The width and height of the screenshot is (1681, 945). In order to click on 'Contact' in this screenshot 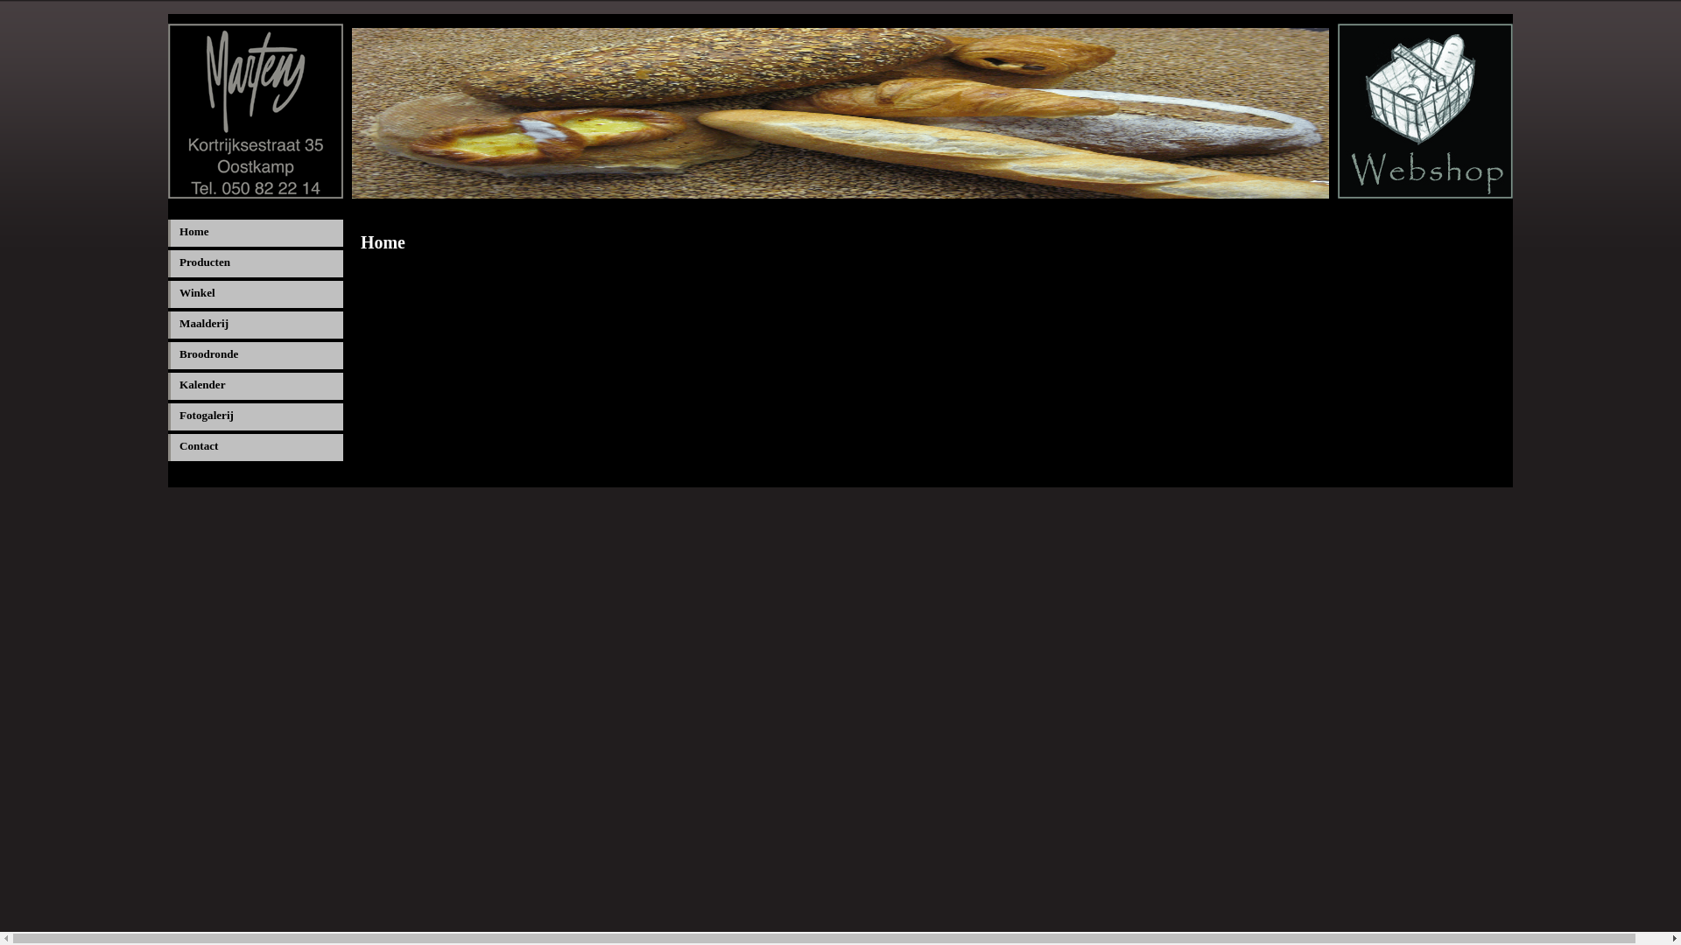, I will do `click(255, 446)`.